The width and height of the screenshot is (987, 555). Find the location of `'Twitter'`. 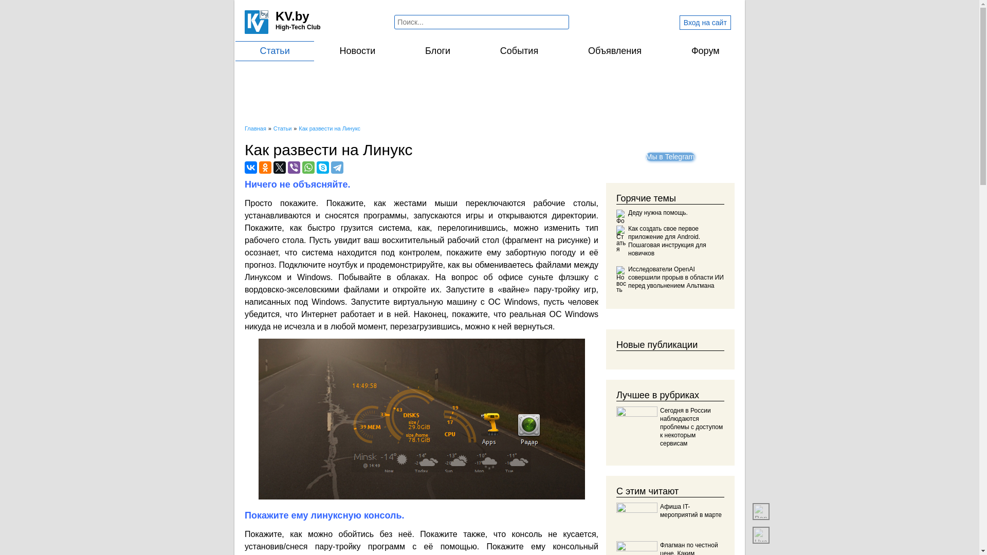

'Twitter' is located at coordinates (279, 167).